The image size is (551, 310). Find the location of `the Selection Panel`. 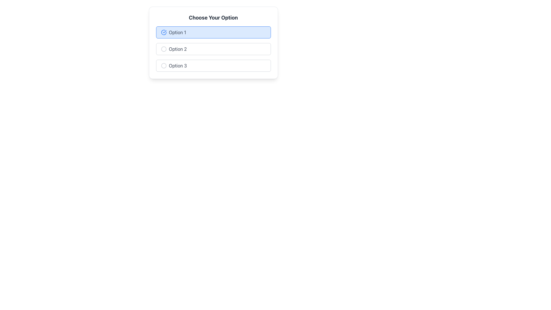

the Selection Panel is located at coordinates (213, 42).